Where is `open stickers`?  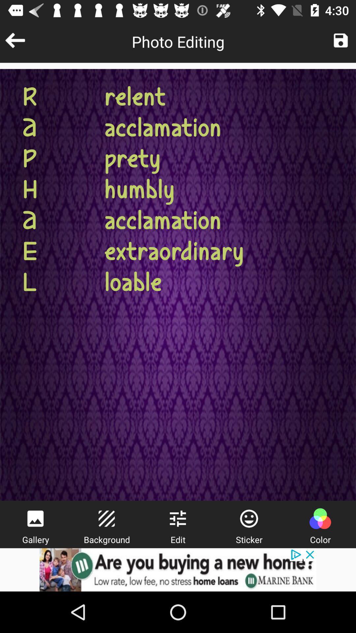 open stickers is located at coordinates (249, 518).